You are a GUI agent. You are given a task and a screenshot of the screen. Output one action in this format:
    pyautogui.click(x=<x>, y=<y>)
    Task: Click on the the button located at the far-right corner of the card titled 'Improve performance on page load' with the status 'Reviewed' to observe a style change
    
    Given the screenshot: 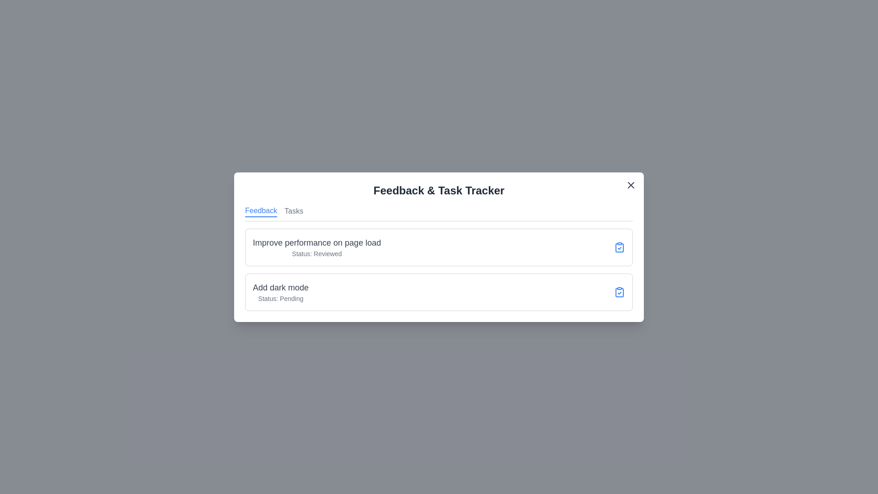 What is the action you would take?
    pyautogui.click(x=619, y=247)
    